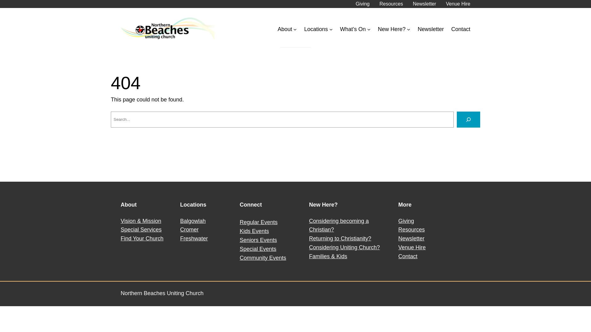  Describe the element at coordinates (344, 247) in the screenshot. I see `'Considering Uniting Church?'` at that location.